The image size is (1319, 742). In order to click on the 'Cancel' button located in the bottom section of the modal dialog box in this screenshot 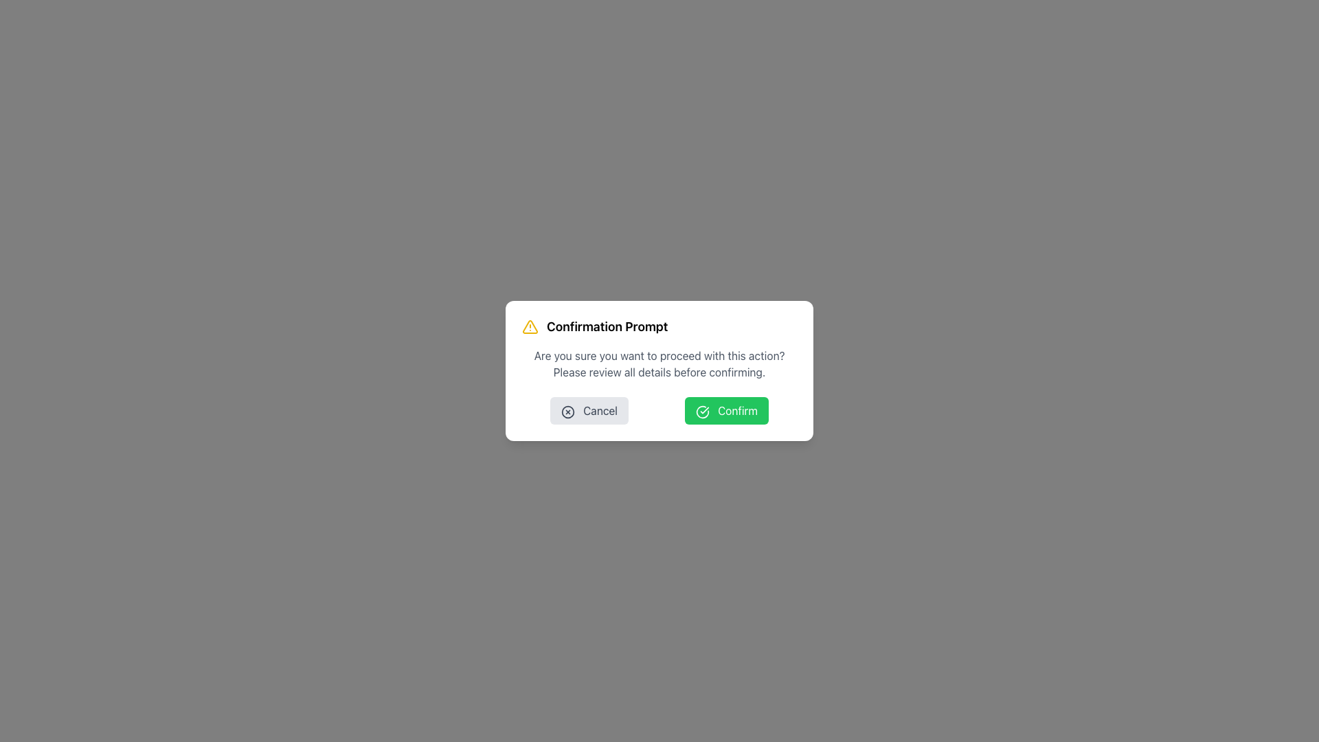, I will do `click(589, 409)`.